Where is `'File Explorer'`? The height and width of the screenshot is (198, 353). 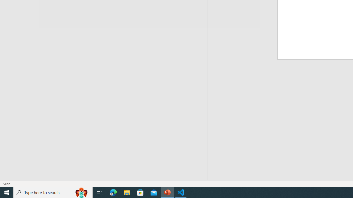 'File Explorer' is located at coordinates (127, 192).